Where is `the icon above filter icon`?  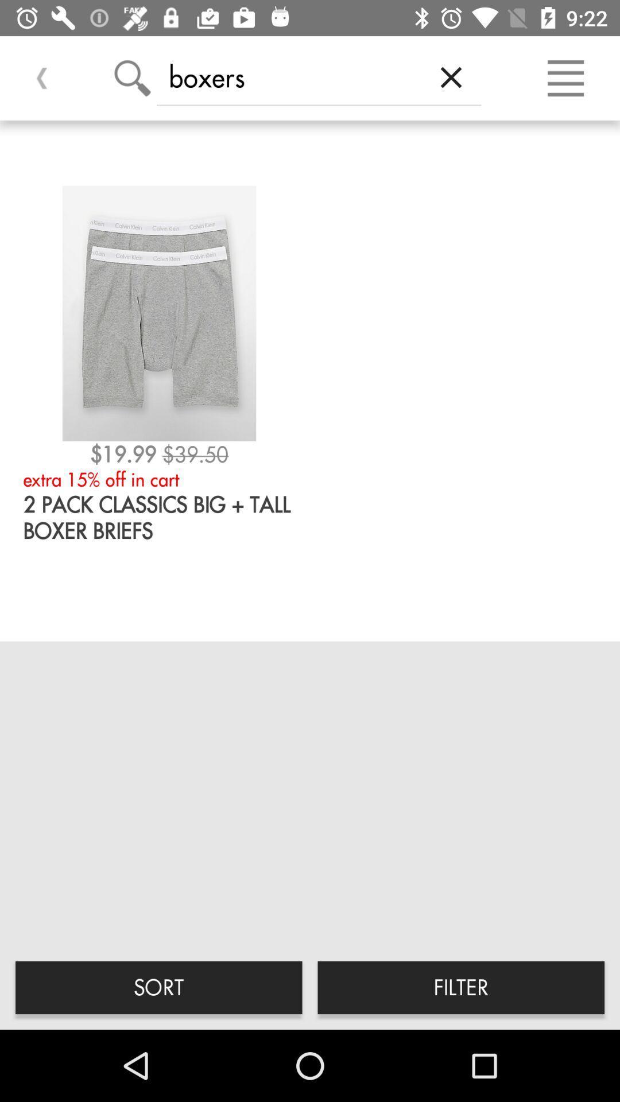 the icon above filter icon is located at coordinates (451, 76).